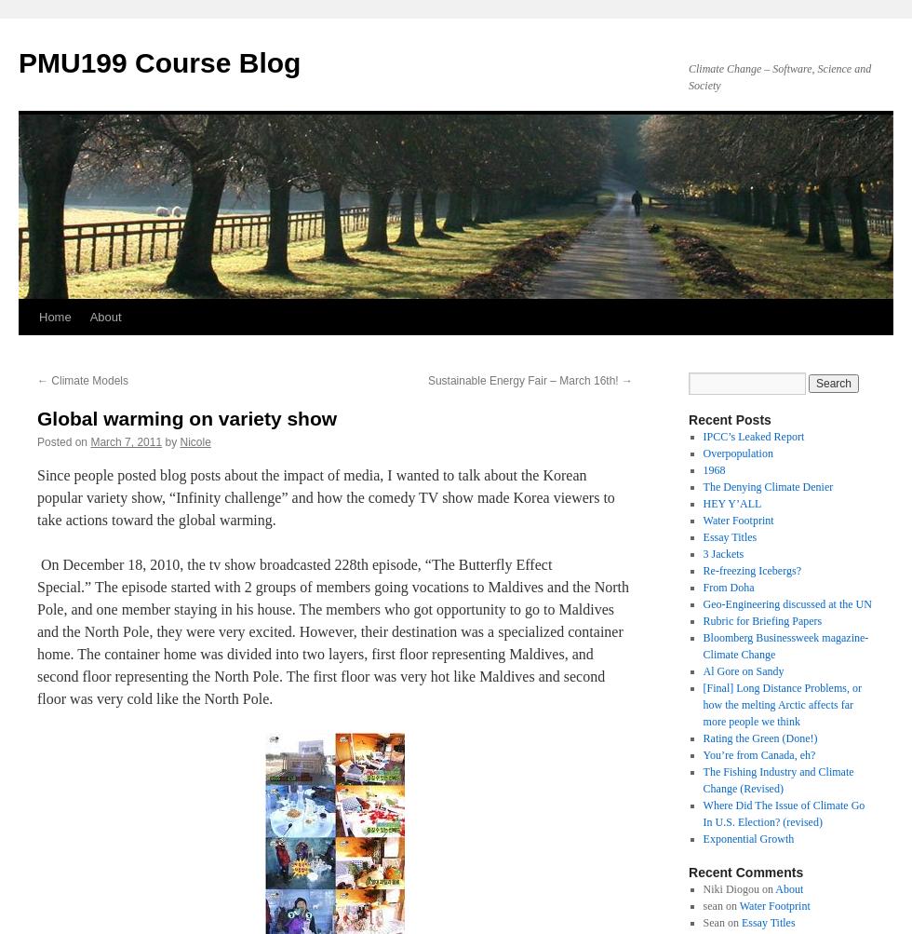  Describe the element at coordinates (759, 737) in the screenshot. I see `'Rating the Green (Done!)'` at that location.